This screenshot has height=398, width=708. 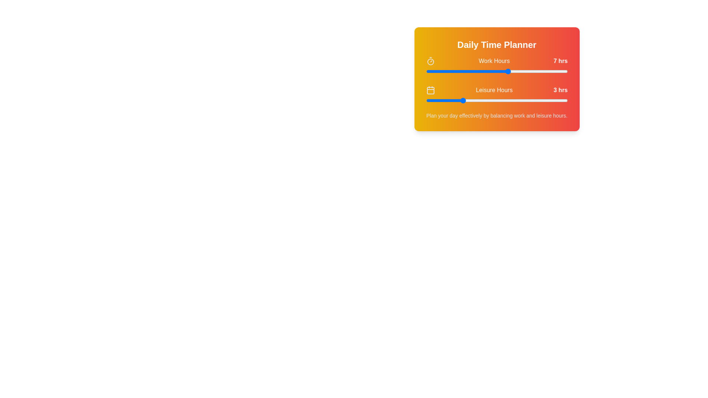 I want to click on the circular SVG graphical element that is part of the clock or timer icon, located in the top-left corner of the 'Daily Time Planner' interface, above the text 'Work Hours', so click(x=430, y=62).